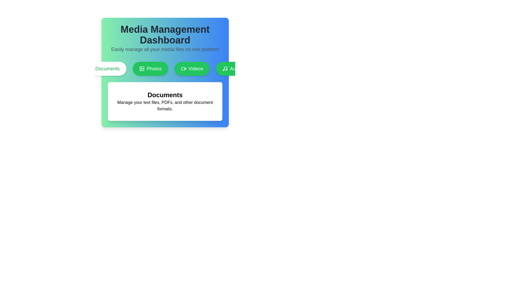  Describe the element at coordinates (183, 68) in the screenshot. I see `the 'Videos' section graphical icon, which is positioned above the 'Videos' label within a row of tabs` at that location.